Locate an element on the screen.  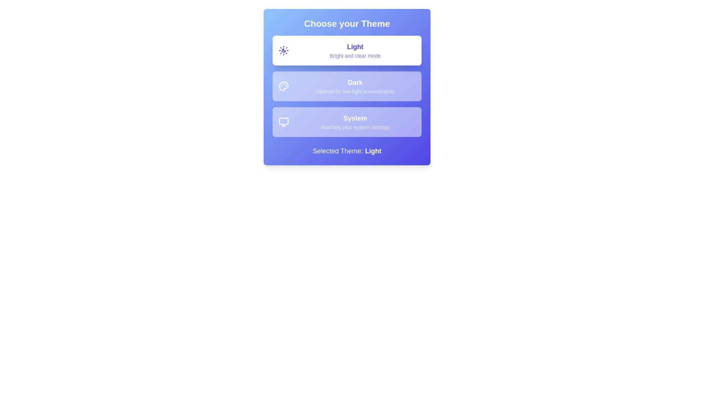
the theme Dark by clicking on its option is located at coordinates (346, 86).